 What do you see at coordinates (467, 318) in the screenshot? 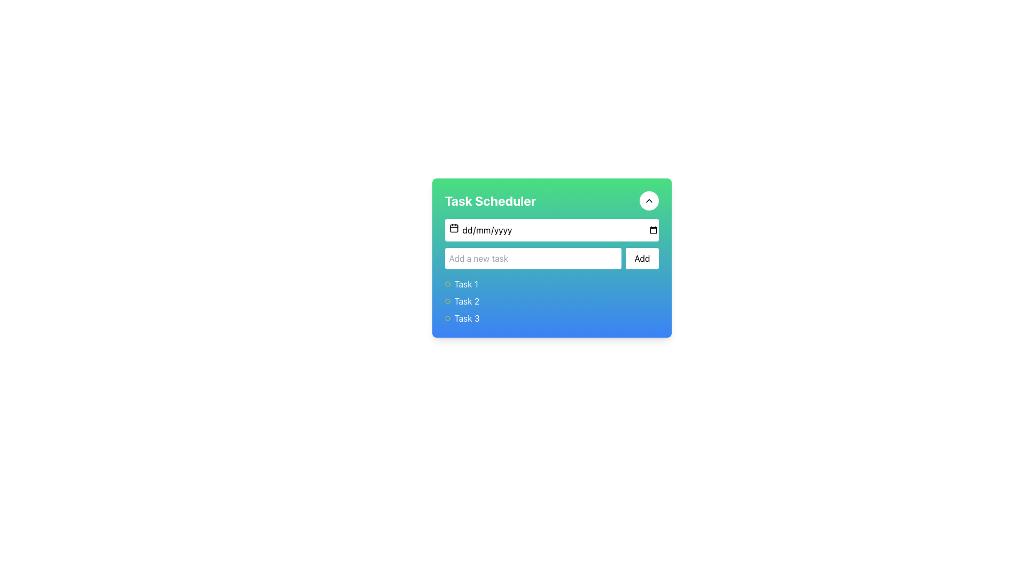
I see `the 'Task 3' text label in the task scheduler interface, which displays the task name and is positioned at the bottom of the task list` at bounding box center [467, 318].